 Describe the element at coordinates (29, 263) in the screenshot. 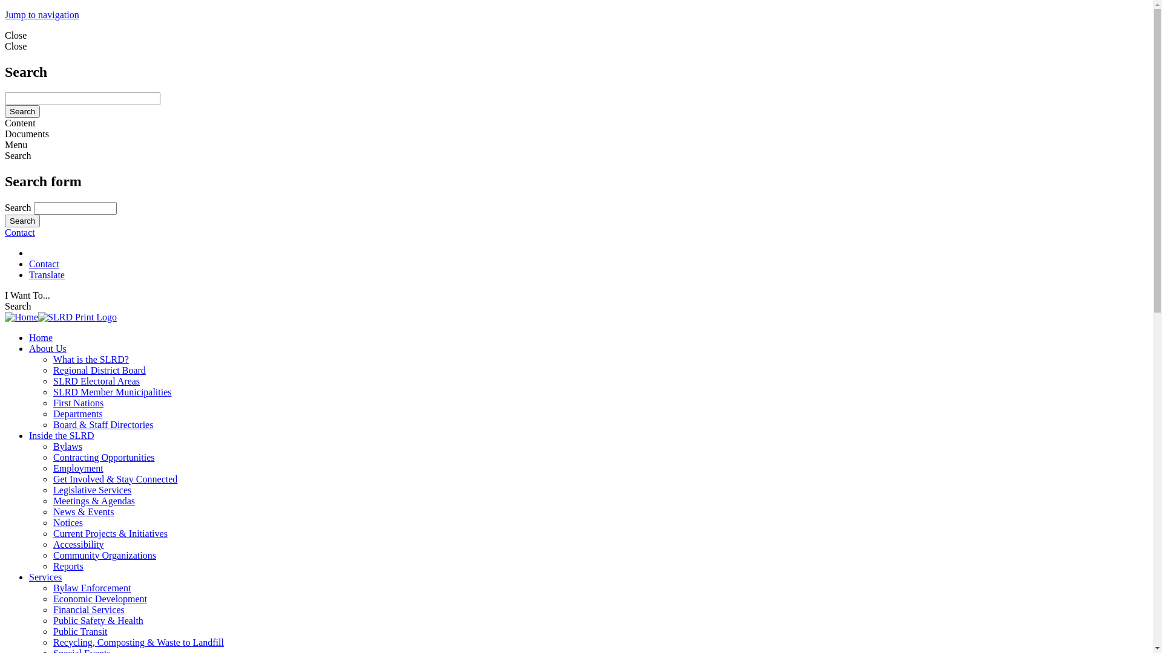

I see `'Contact'` at that location.